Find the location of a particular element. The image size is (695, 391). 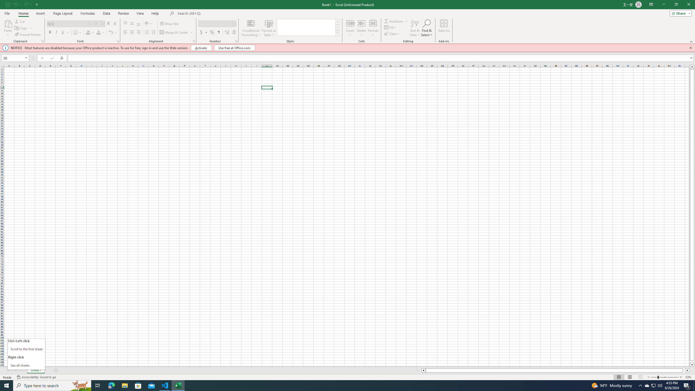

'Row up' is located at coordinates (337, 22).